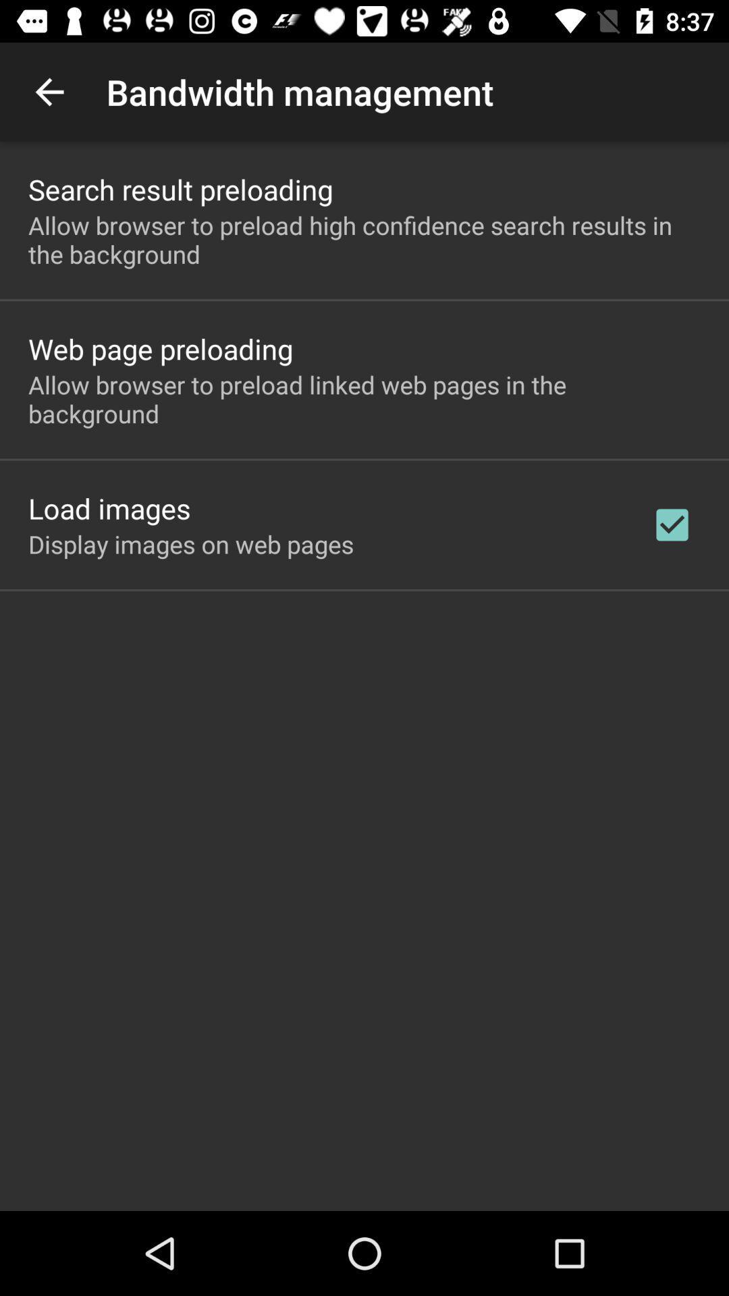 The image size is (729, 1296). What do you see at coordinates (49, 91) in the screenshot?
I see `the app to the left of the bandwidth management icon` at bounding box center [49, 91].